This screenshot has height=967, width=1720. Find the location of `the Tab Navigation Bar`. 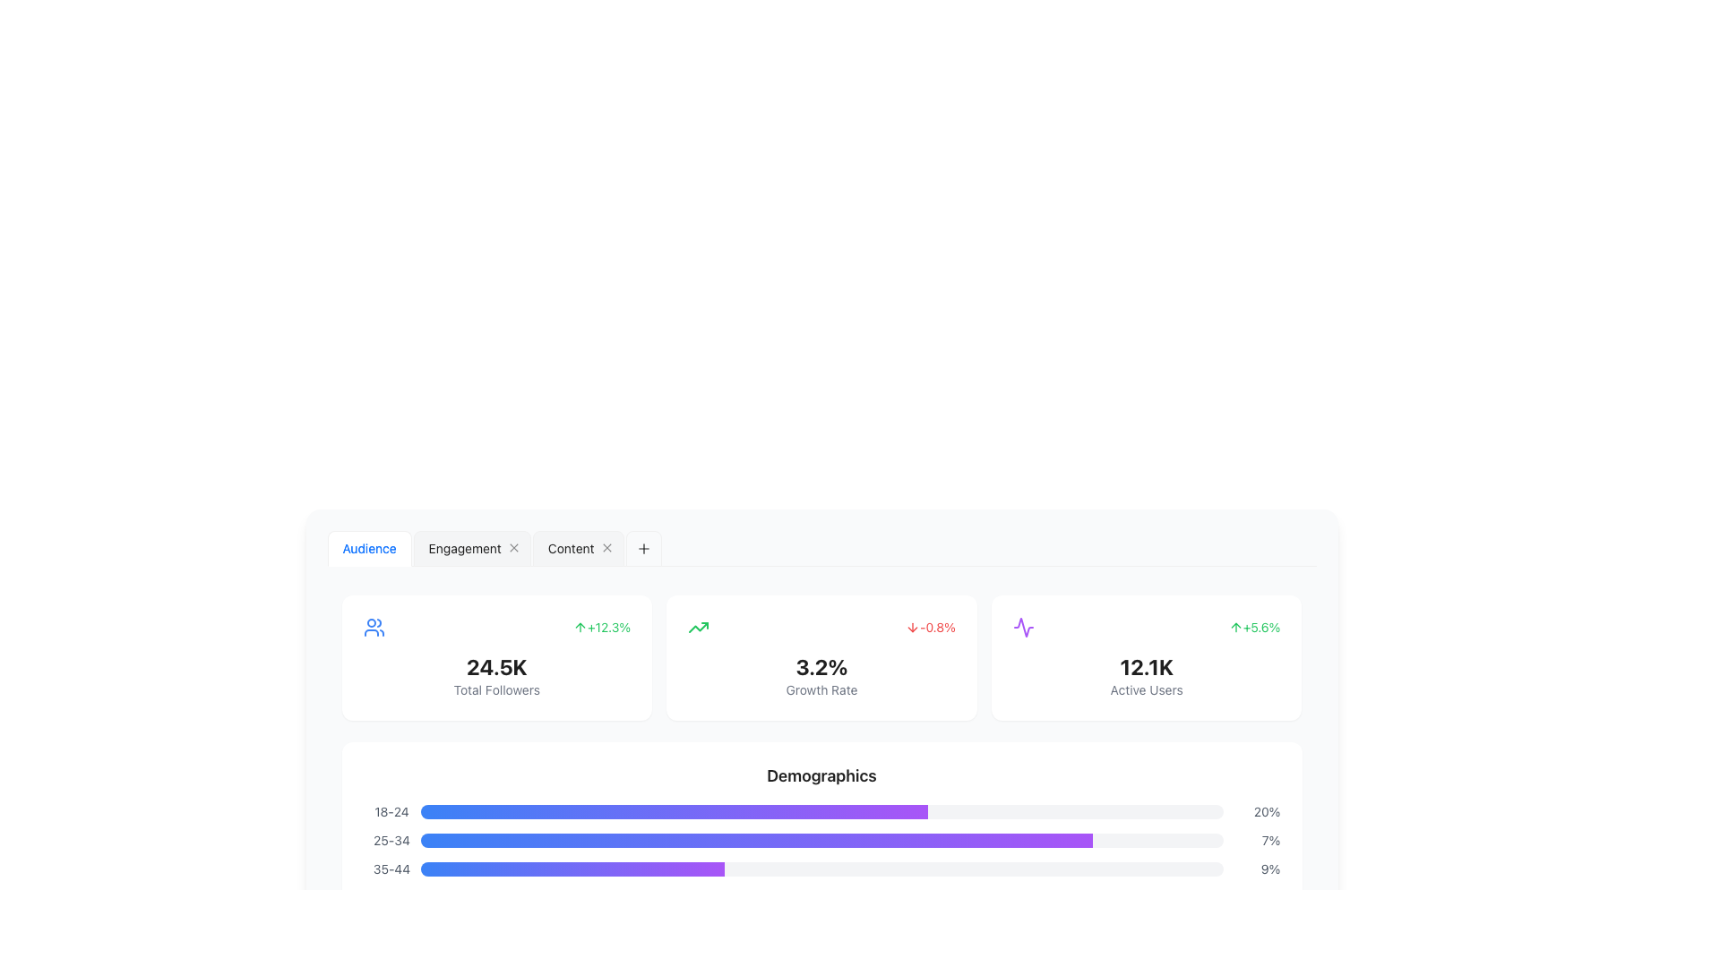

the Tab Navigation Bar is located at coordinates (494, 548).